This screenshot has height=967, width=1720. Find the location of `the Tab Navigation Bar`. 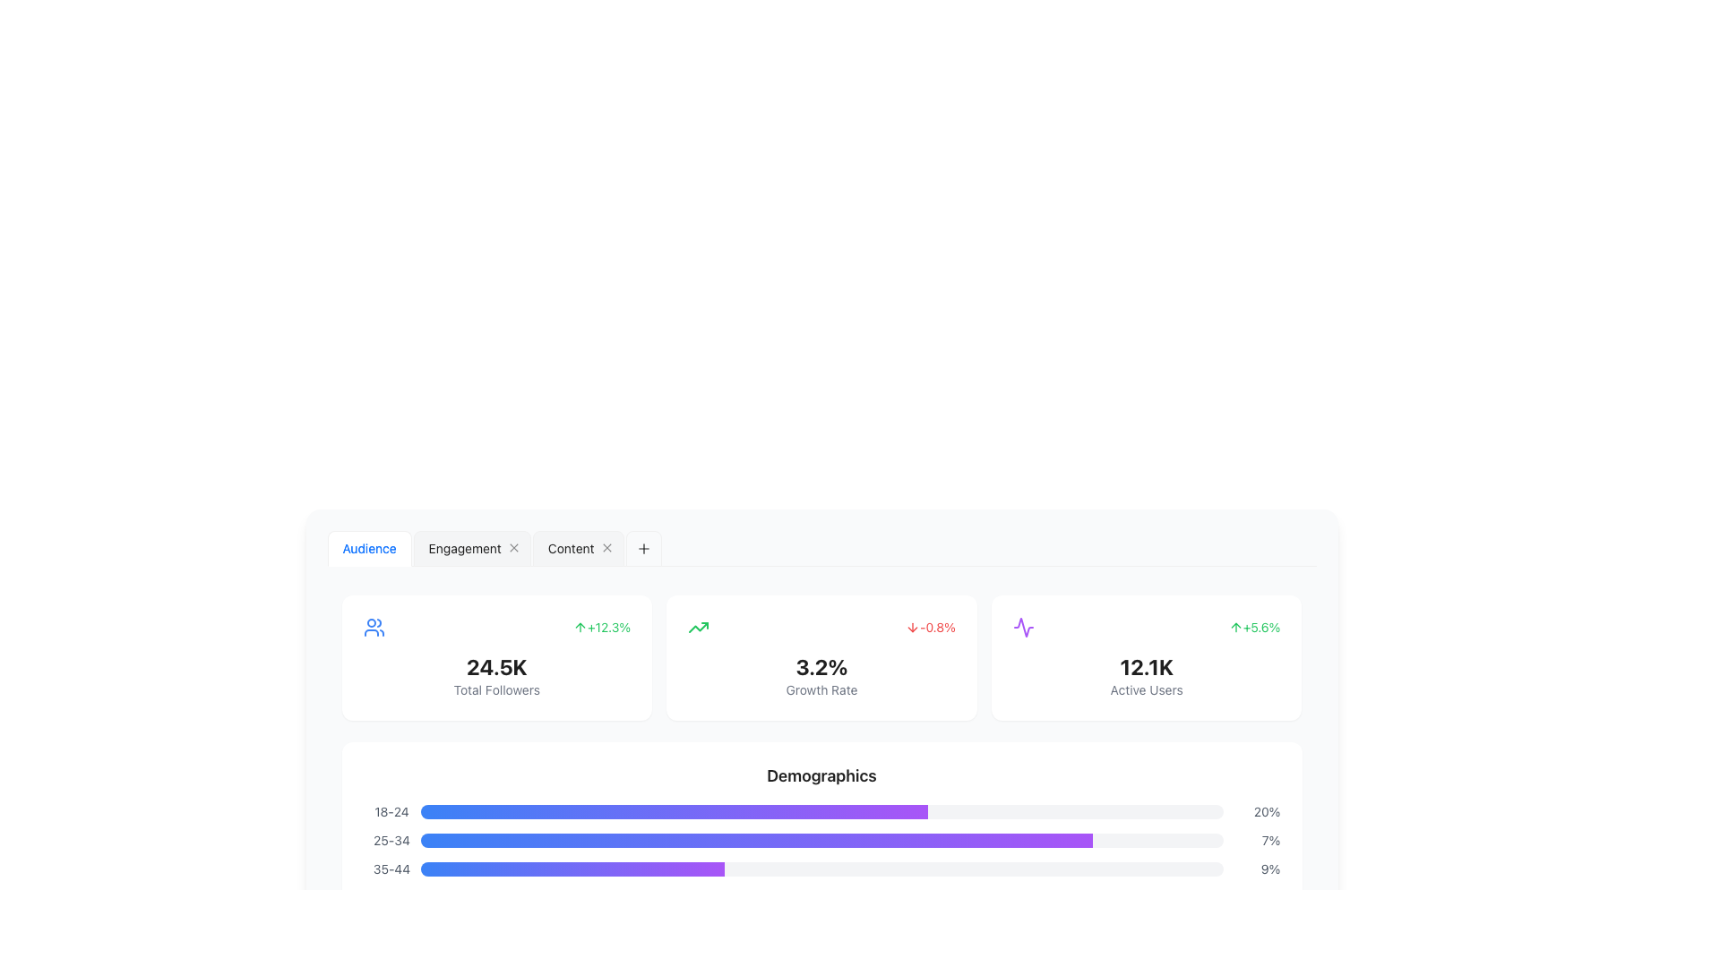

the Tab Navigation Bar is located at coordinates (494, 548).